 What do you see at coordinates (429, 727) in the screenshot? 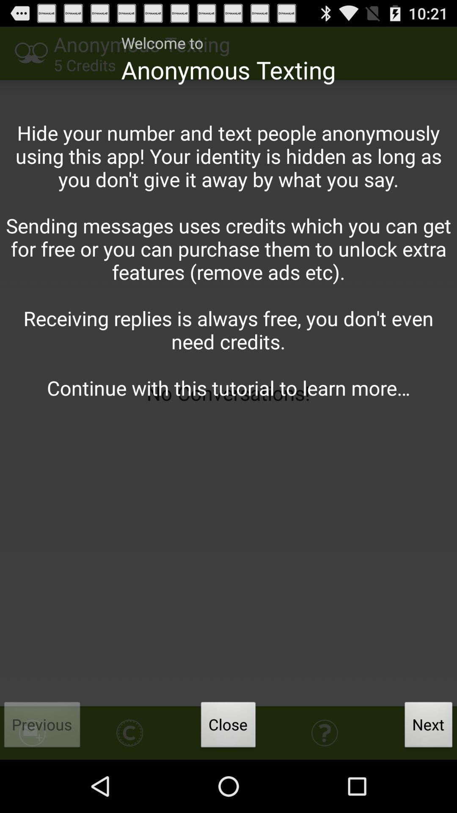
I see `next` at bounding box center [429, 727].